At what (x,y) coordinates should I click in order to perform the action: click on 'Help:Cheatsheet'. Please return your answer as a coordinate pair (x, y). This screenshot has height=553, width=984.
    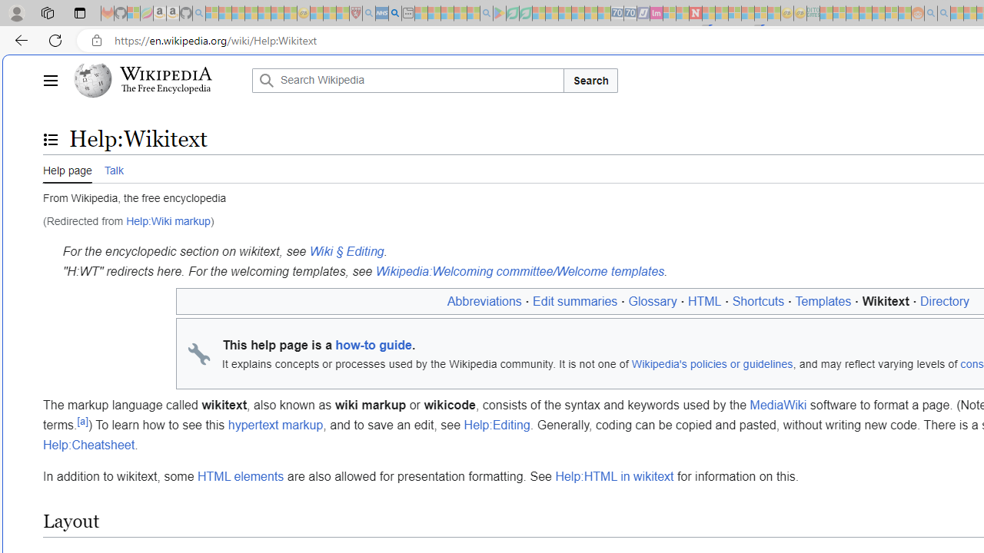
    Looking at the image, I should click on (88, 445).